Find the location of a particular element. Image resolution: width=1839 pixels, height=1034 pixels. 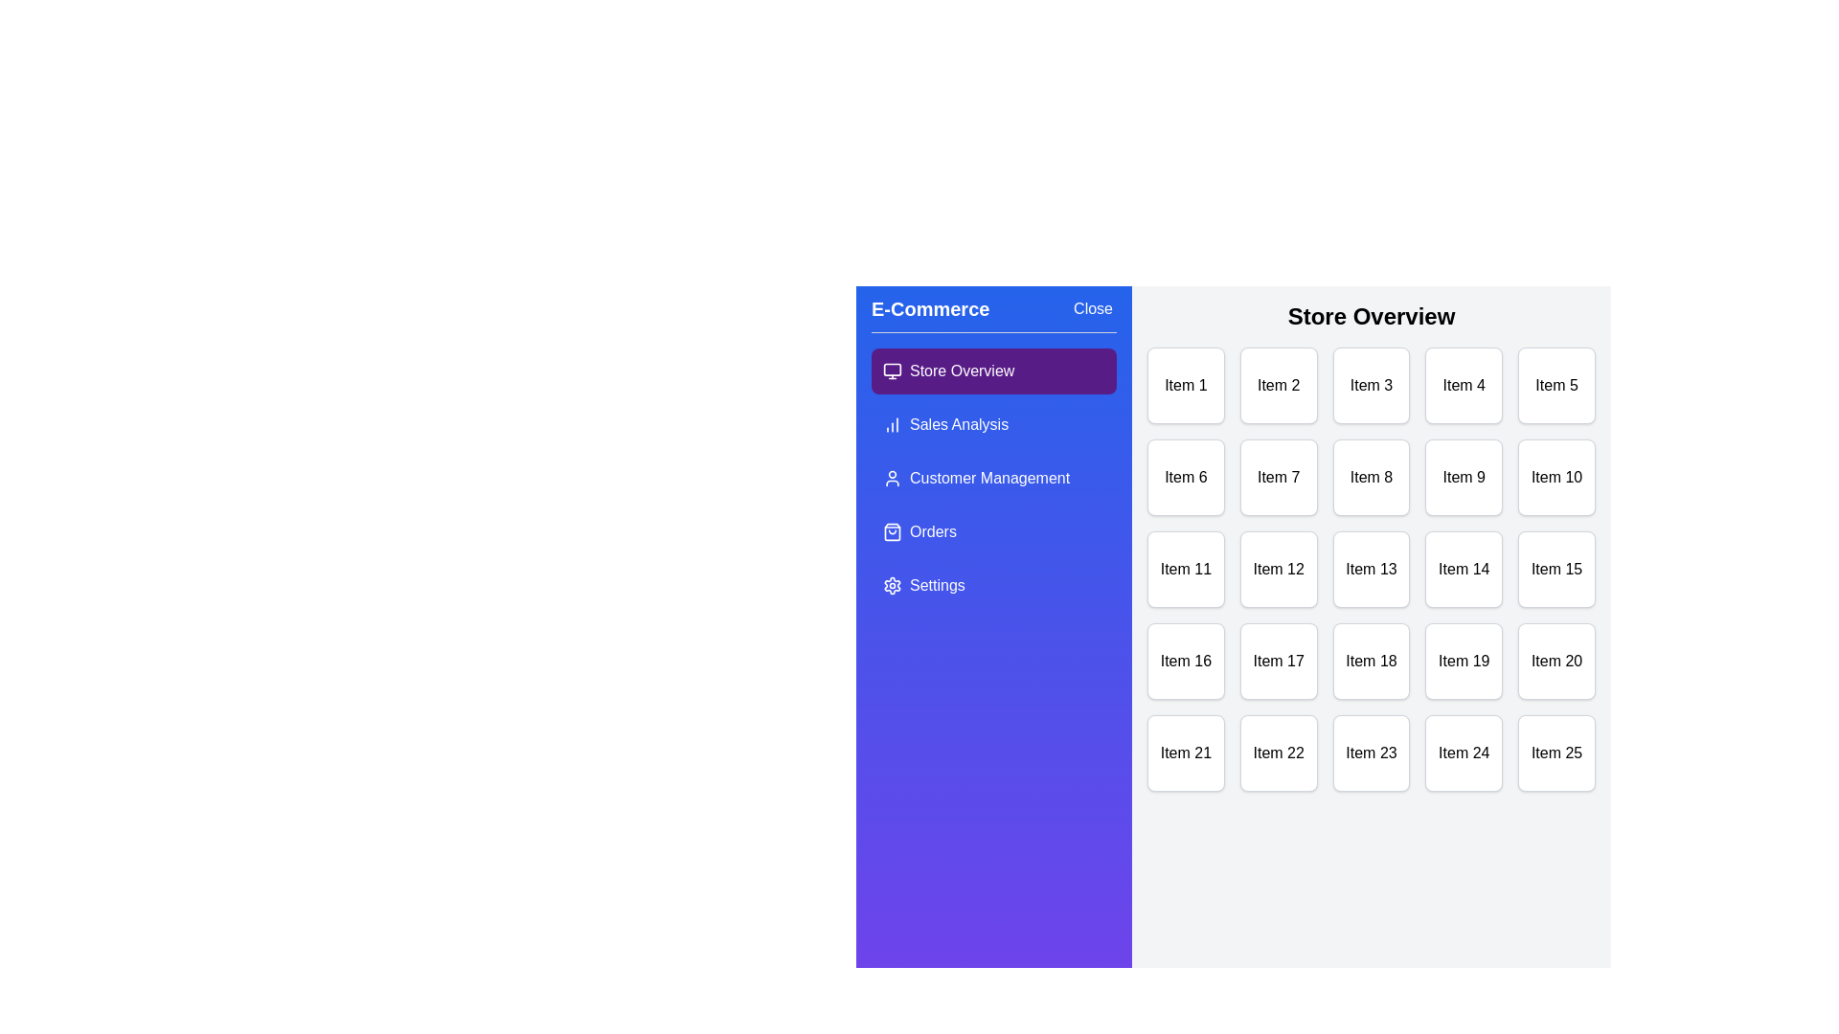

the menu option Settings from the drawer is located at coordinates (993, 585).